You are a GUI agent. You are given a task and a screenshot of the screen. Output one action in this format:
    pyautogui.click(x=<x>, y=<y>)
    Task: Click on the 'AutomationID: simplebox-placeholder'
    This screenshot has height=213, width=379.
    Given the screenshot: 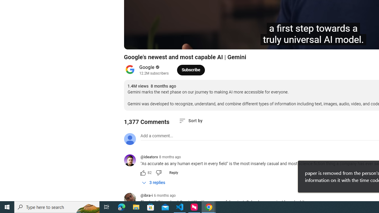 What is the action you would take?
    pyautogui.click(x=157, y=136)
    